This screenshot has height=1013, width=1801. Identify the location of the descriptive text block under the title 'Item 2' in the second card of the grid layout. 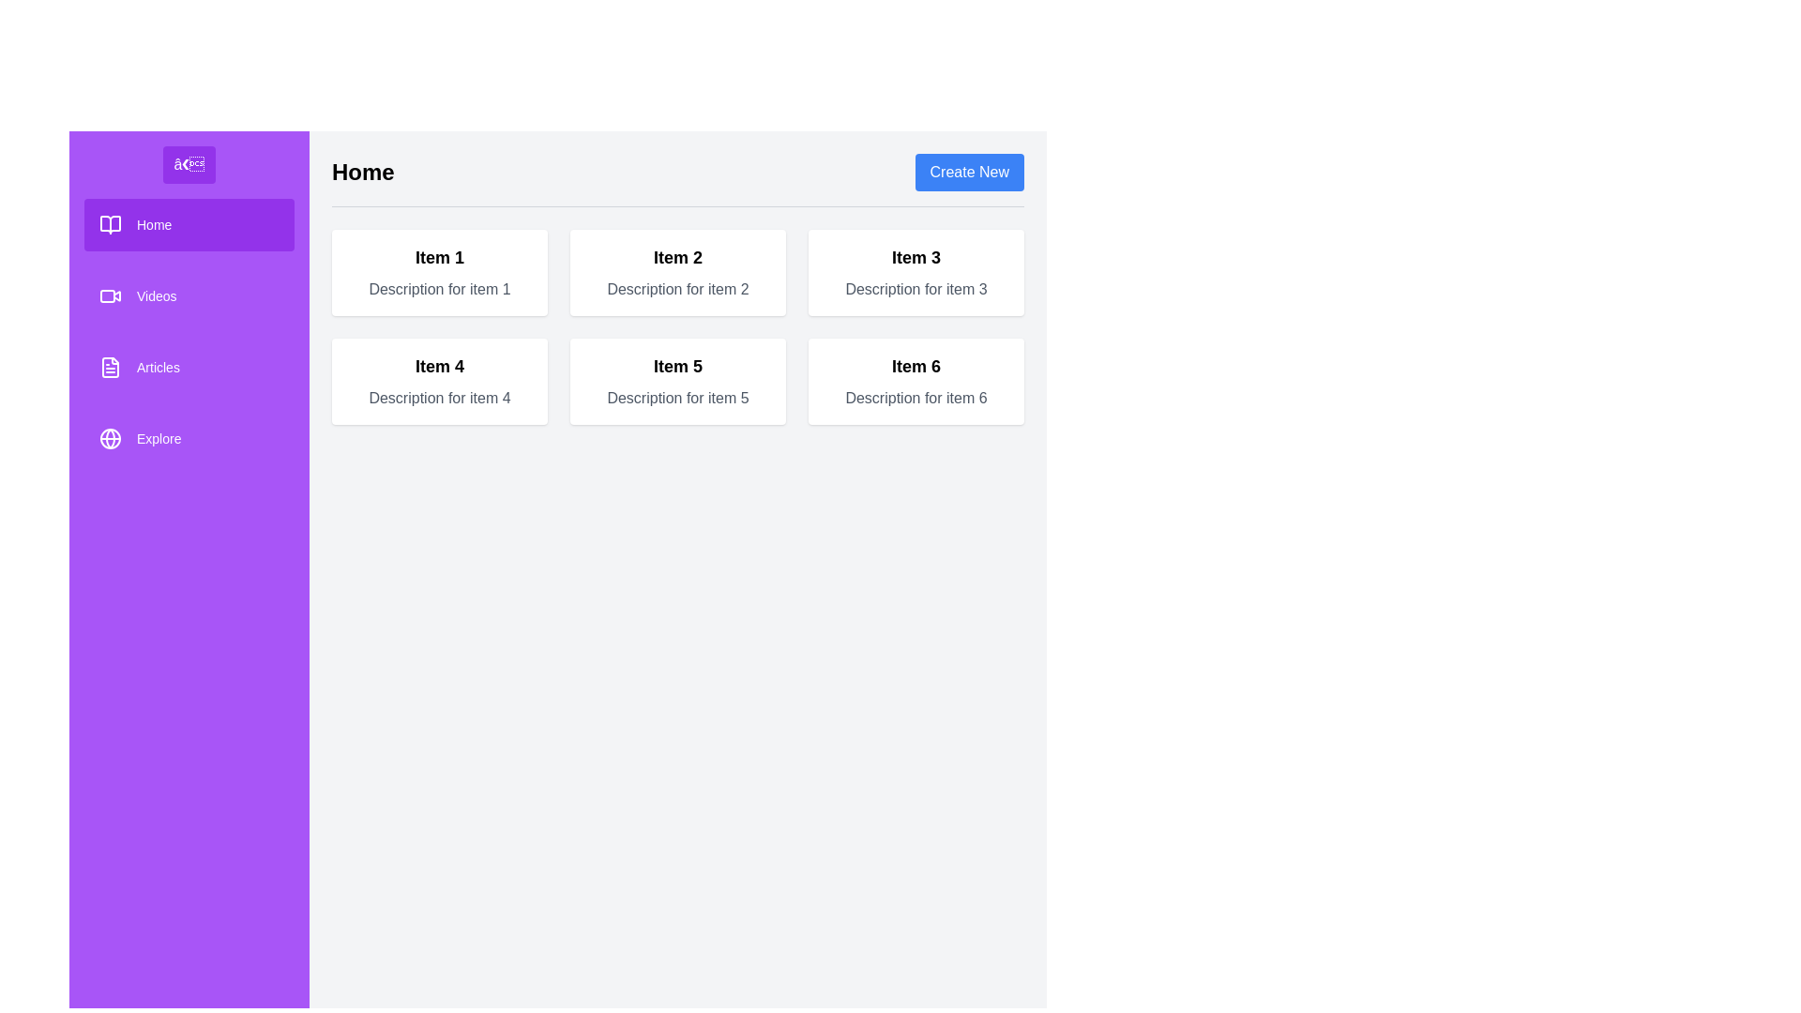
(677, 289).